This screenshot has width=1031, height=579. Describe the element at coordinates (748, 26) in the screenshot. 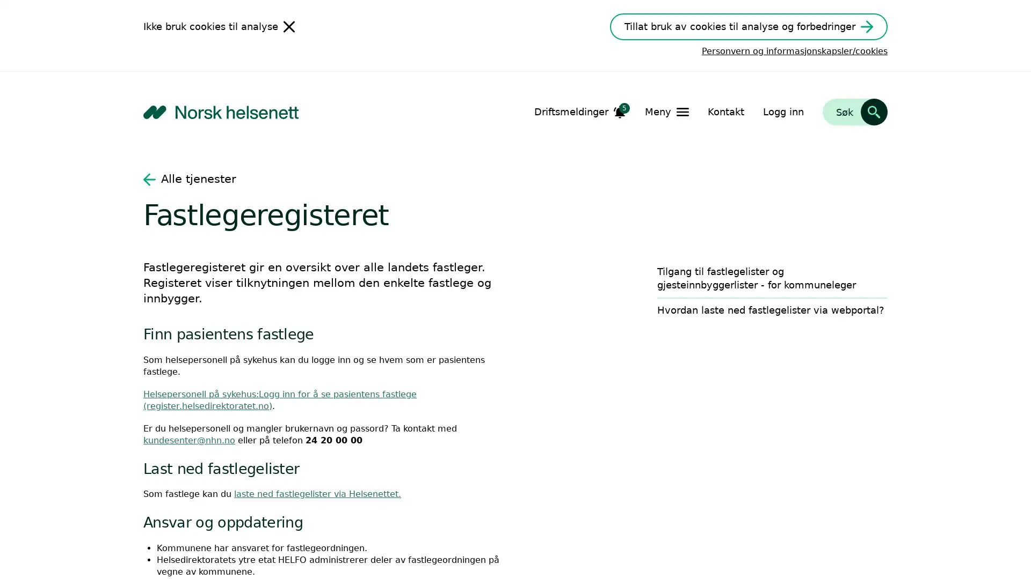

I see `Tillat bruk av cookies til analyse og forbedringer` at that location.